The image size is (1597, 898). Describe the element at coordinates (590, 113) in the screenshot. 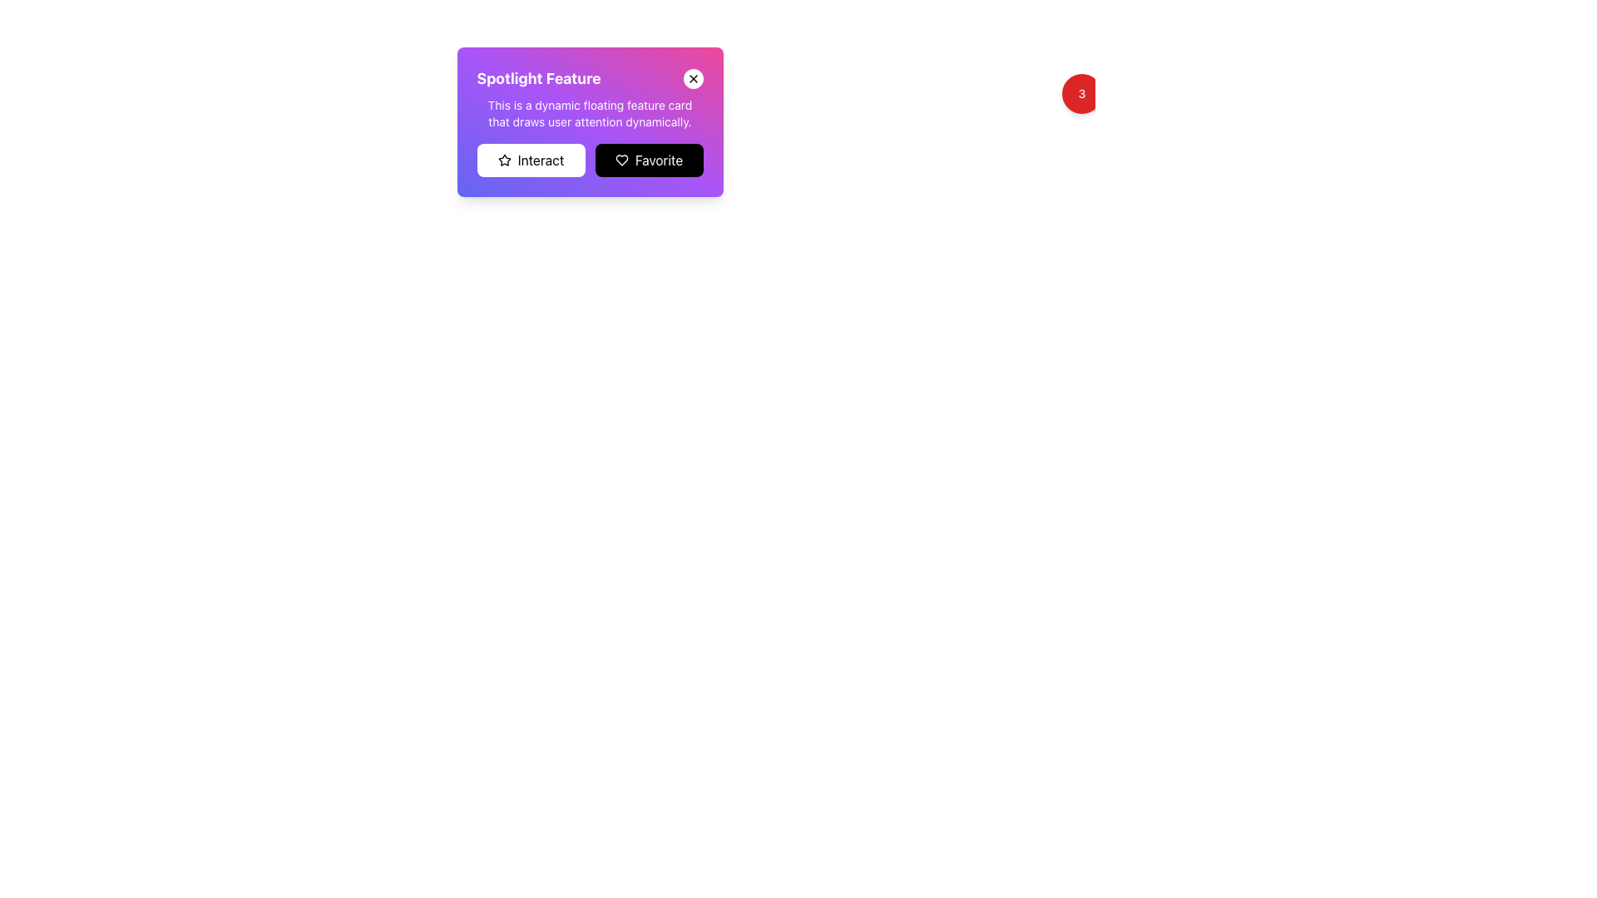

I see `the text element that states 'This is a dynamic floating feature card that draws user attention dynamically.' which is styled in a light-colored font and located within a gradient background card` at that location.